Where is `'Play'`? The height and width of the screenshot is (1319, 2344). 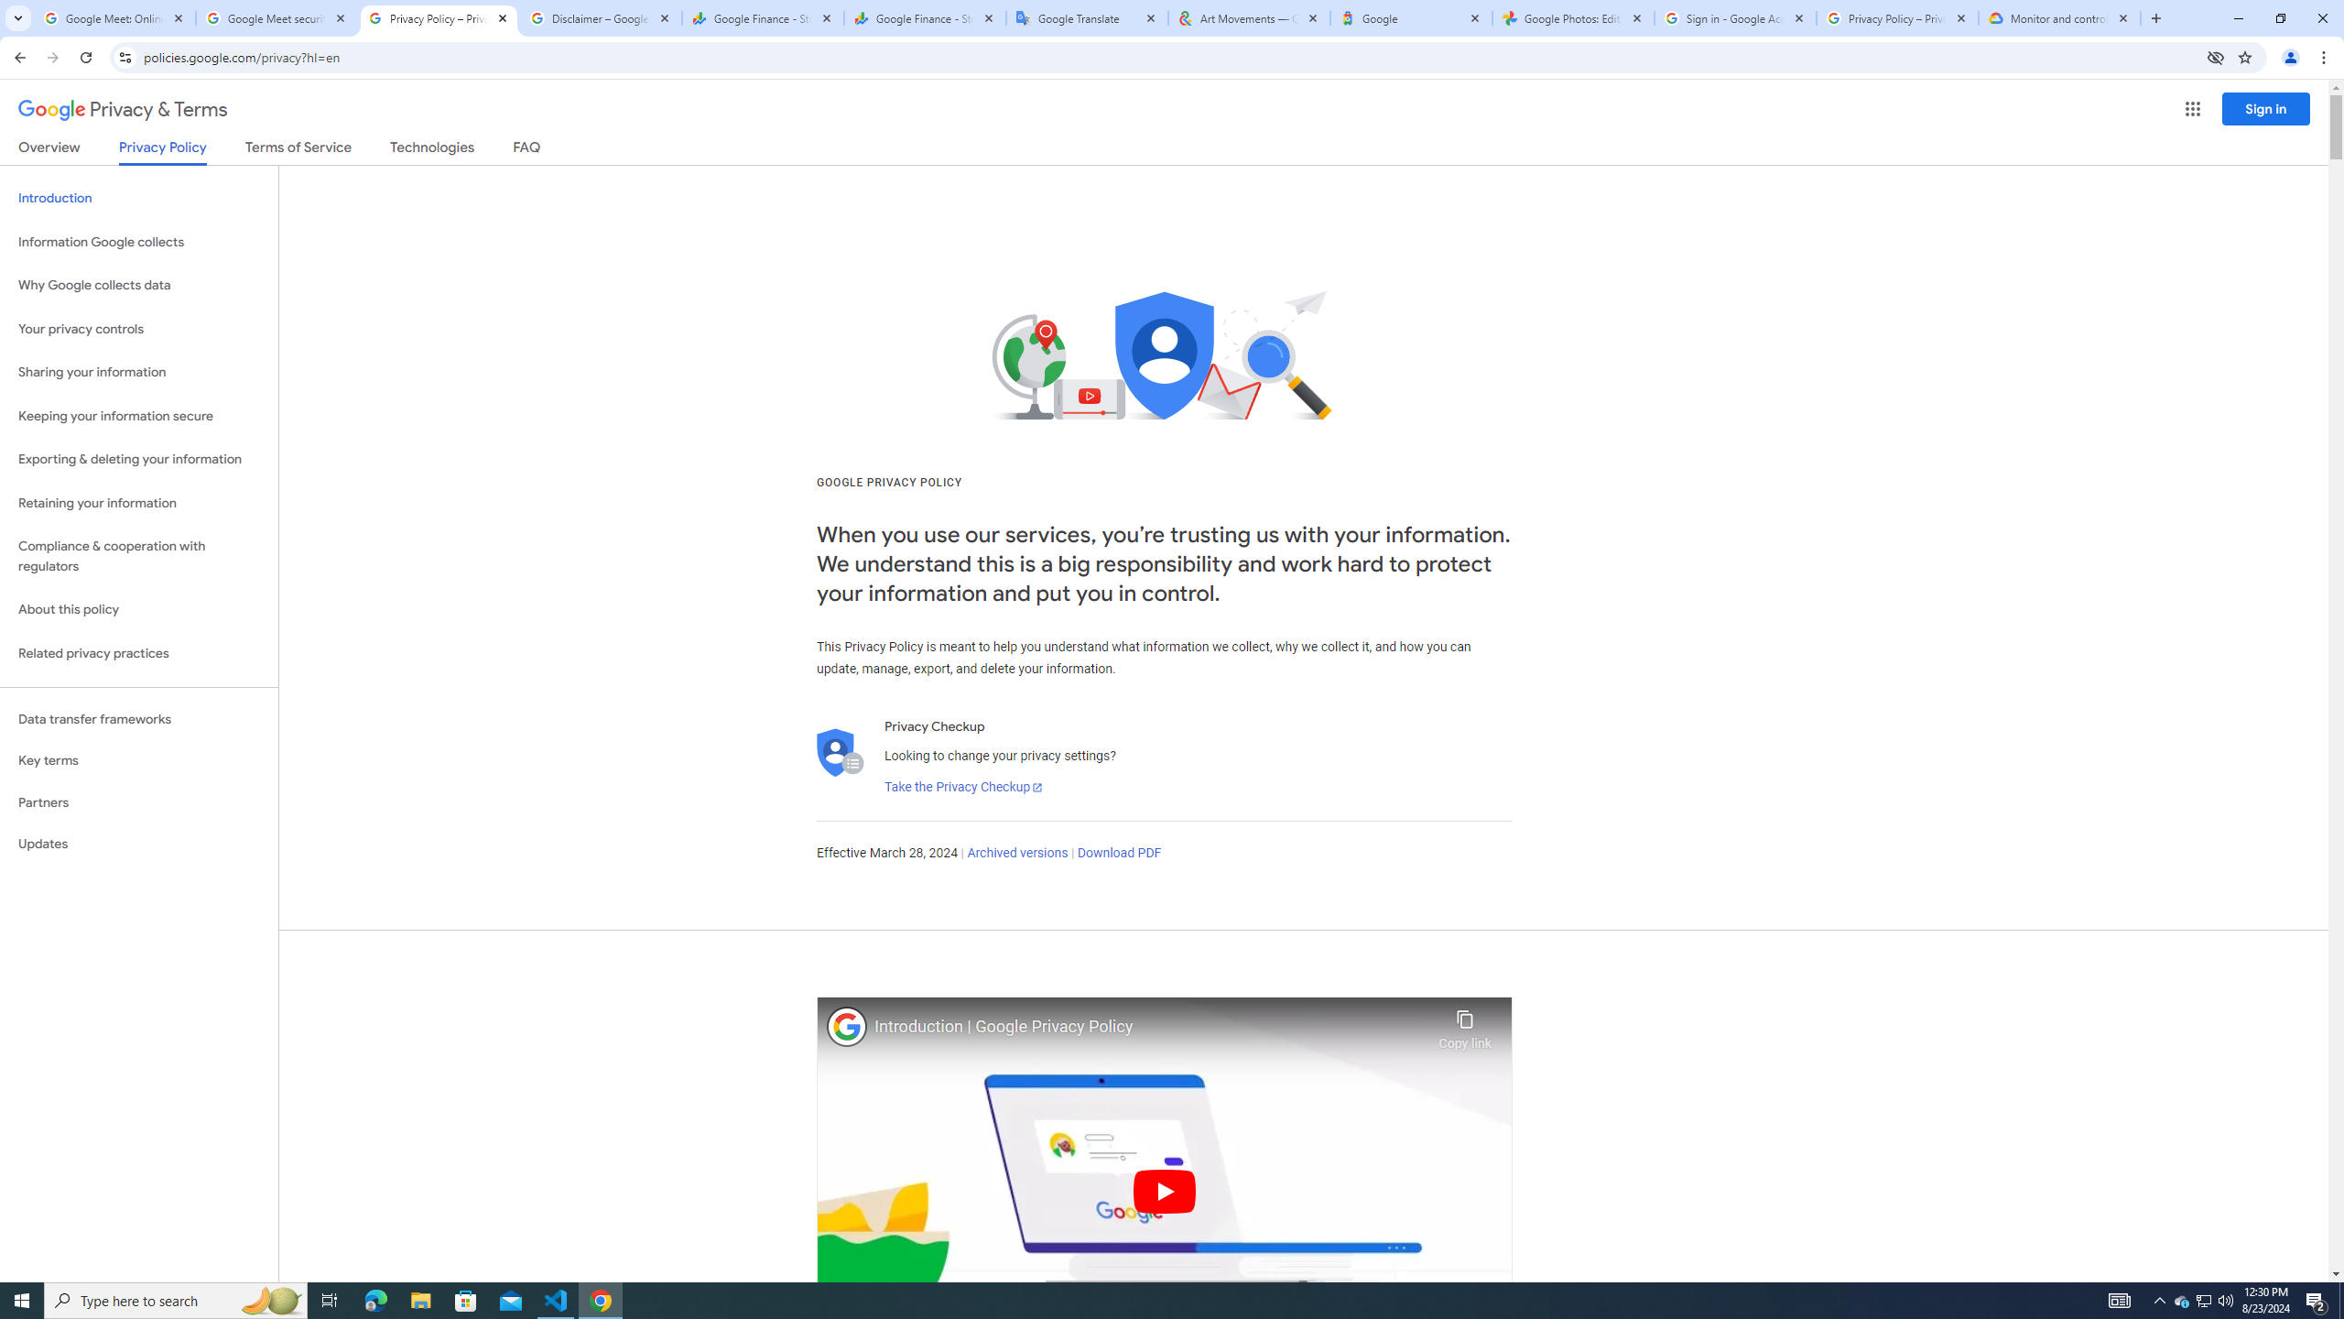
'Play' is located at coordinates (1164, 1190).